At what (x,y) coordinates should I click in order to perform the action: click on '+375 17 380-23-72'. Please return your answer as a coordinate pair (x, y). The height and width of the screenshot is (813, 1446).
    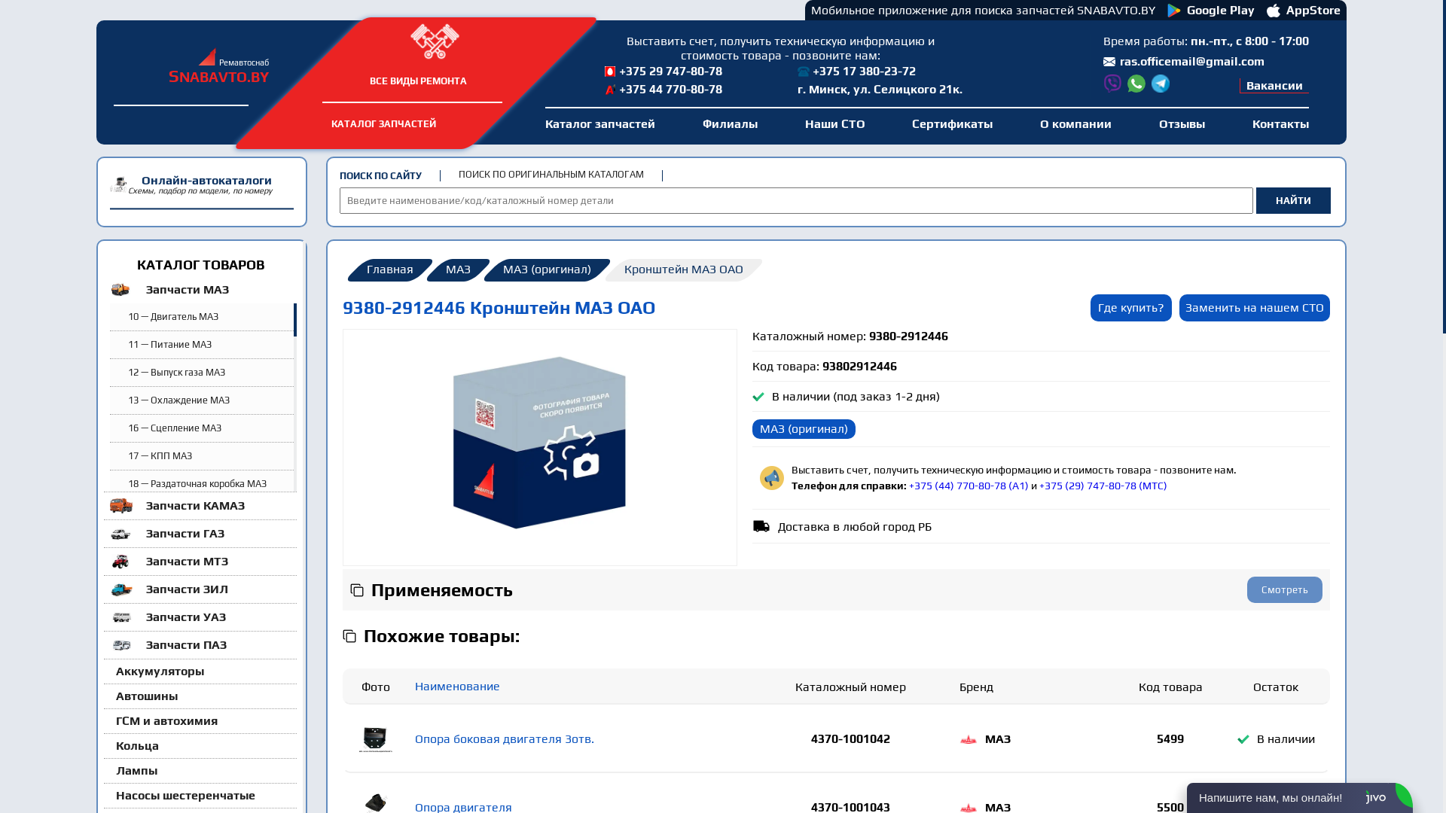
    Looking at the image, I should click on (797, 72).